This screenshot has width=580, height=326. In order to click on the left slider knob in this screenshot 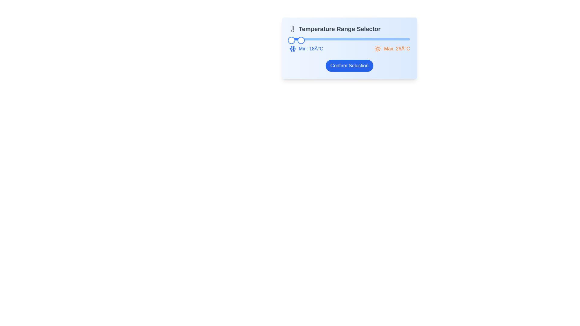, I will do `click(285, 40)`.